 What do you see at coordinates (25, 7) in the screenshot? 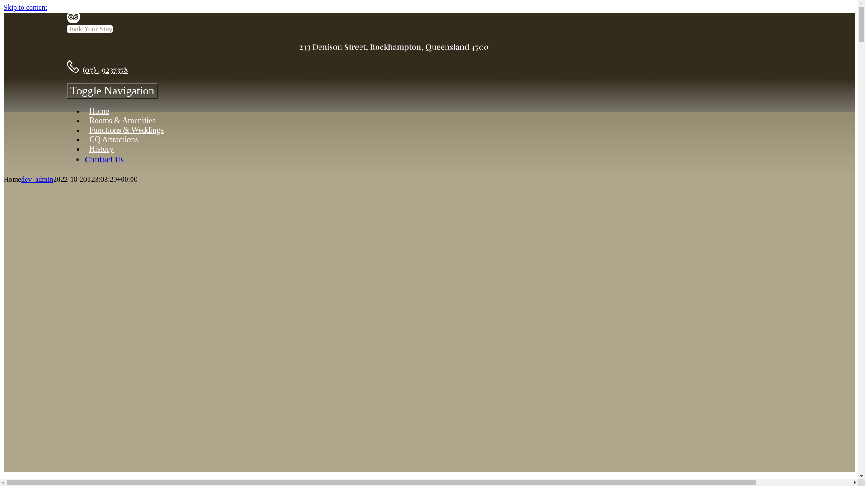
I see `'Skip to content'` at bounding box center [25, 7].